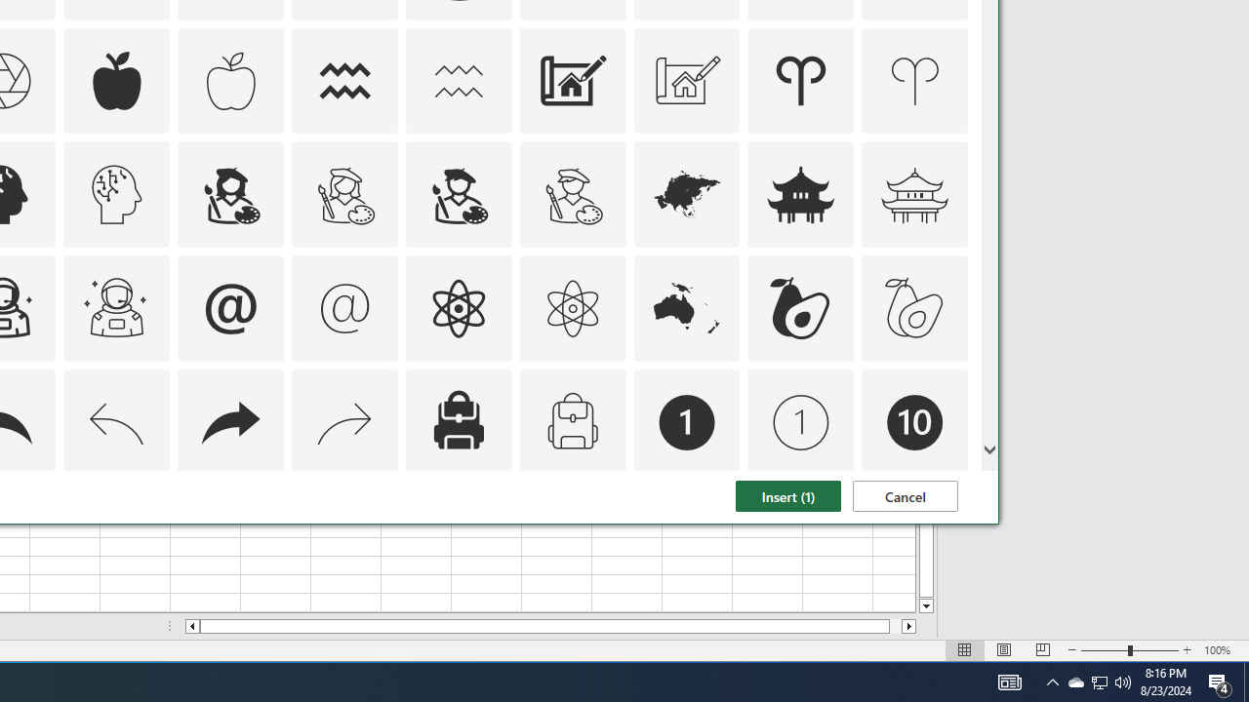 Image resolution: width=1249 pixels, height=702 pixels. I want to click on 'Notification Chevron', so click(1052, 681).